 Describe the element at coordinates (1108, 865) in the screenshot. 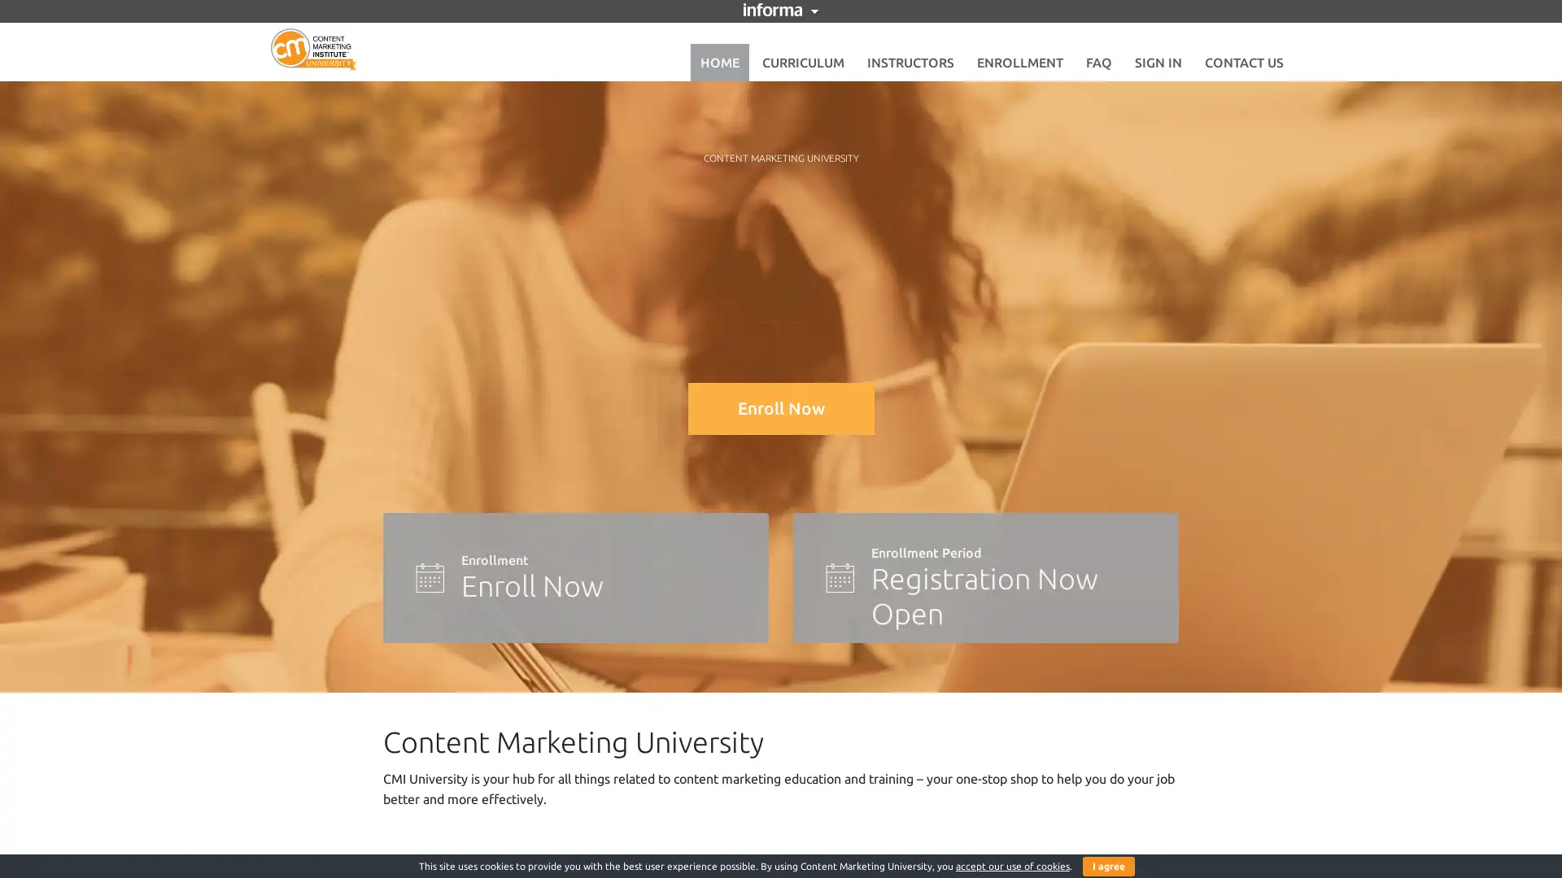

I see `I agree` at that location.